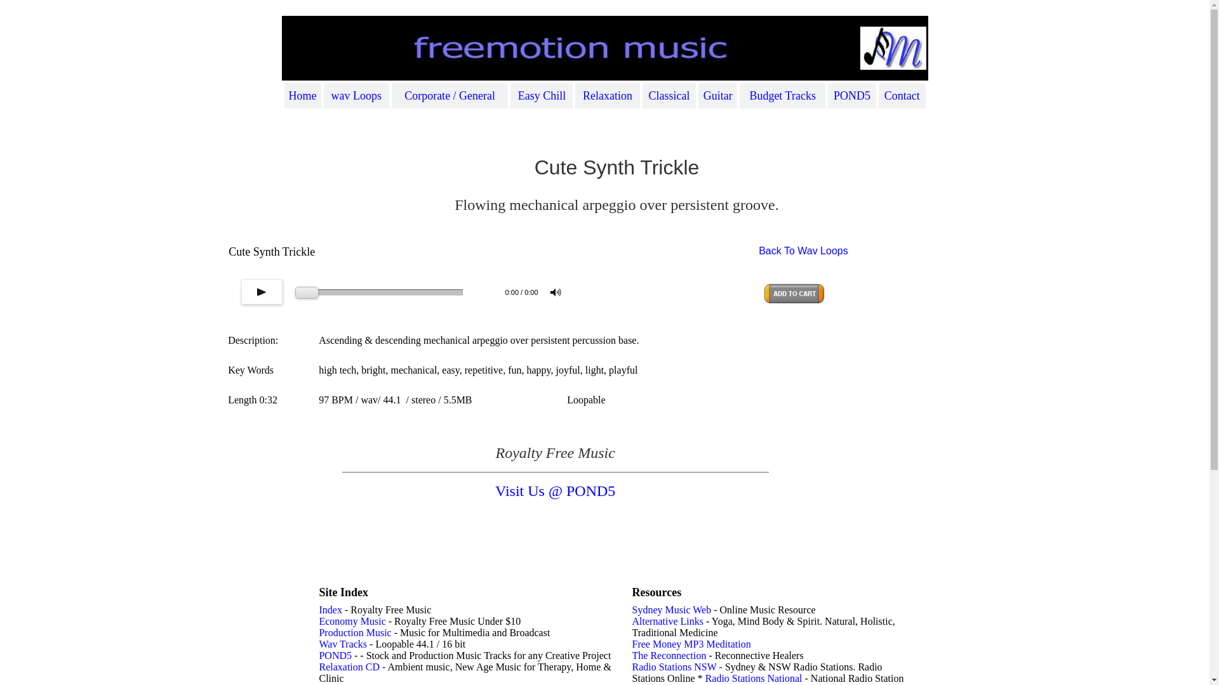 The image size is (1219, 685). What do you see at coordinates (703, 95) in the screenshot?
I see `'Guitar'` at bounding box center [703, 95].